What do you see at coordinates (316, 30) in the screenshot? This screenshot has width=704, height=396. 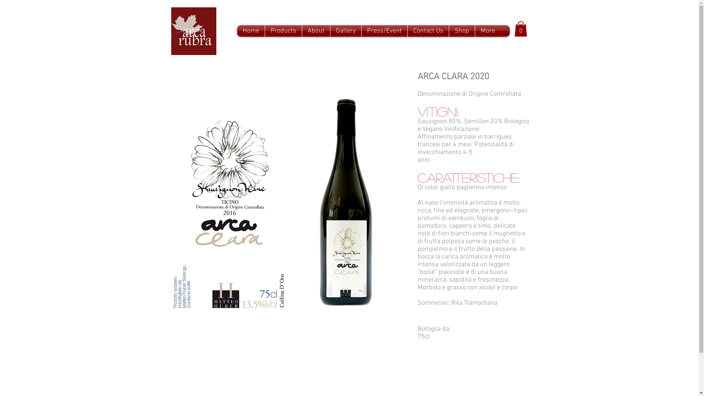 I see `'About'` at bounding box center [316, 30].